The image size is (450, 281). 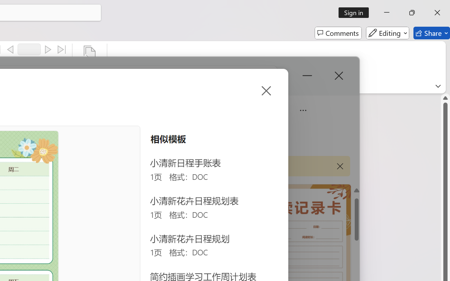 I want to click on 'Editing', so click(x=387, y=33).